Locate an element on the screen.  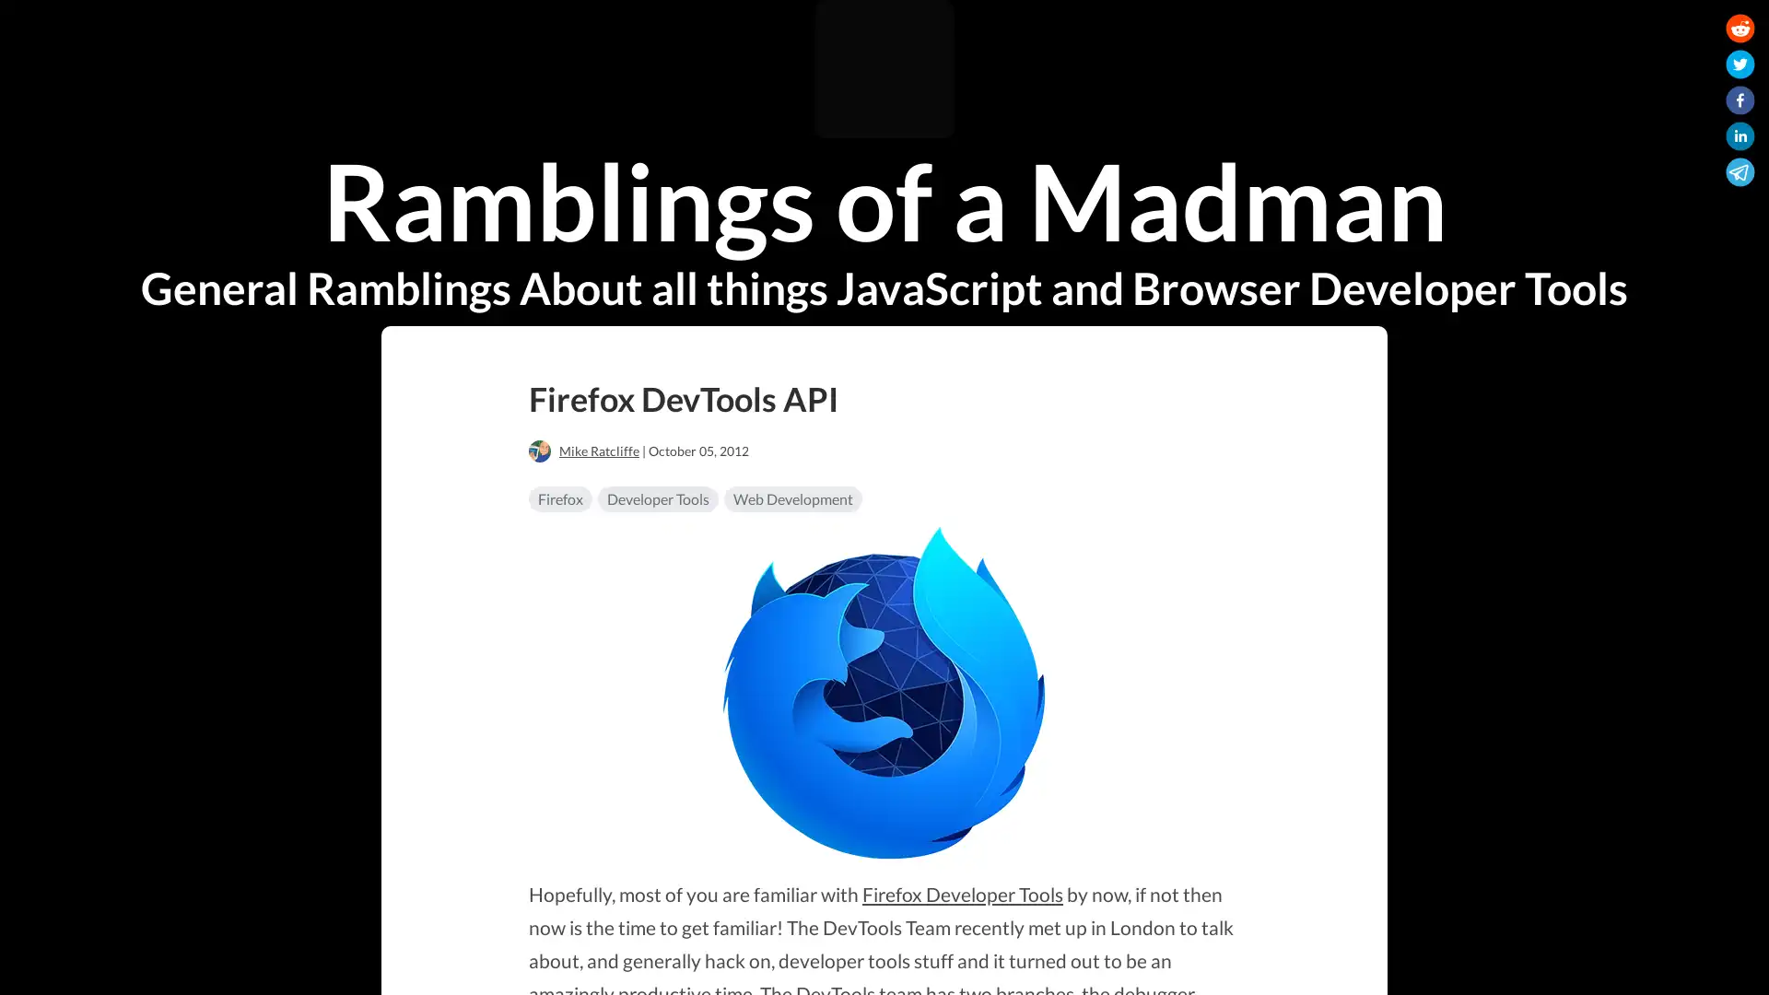
reddit is located at coordinates (1740, 31).